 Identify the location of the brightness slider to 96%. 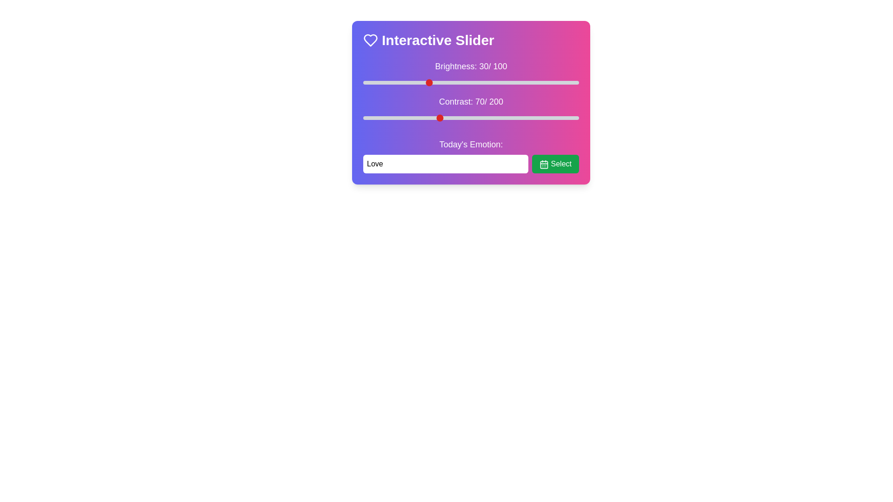
(570, 82).